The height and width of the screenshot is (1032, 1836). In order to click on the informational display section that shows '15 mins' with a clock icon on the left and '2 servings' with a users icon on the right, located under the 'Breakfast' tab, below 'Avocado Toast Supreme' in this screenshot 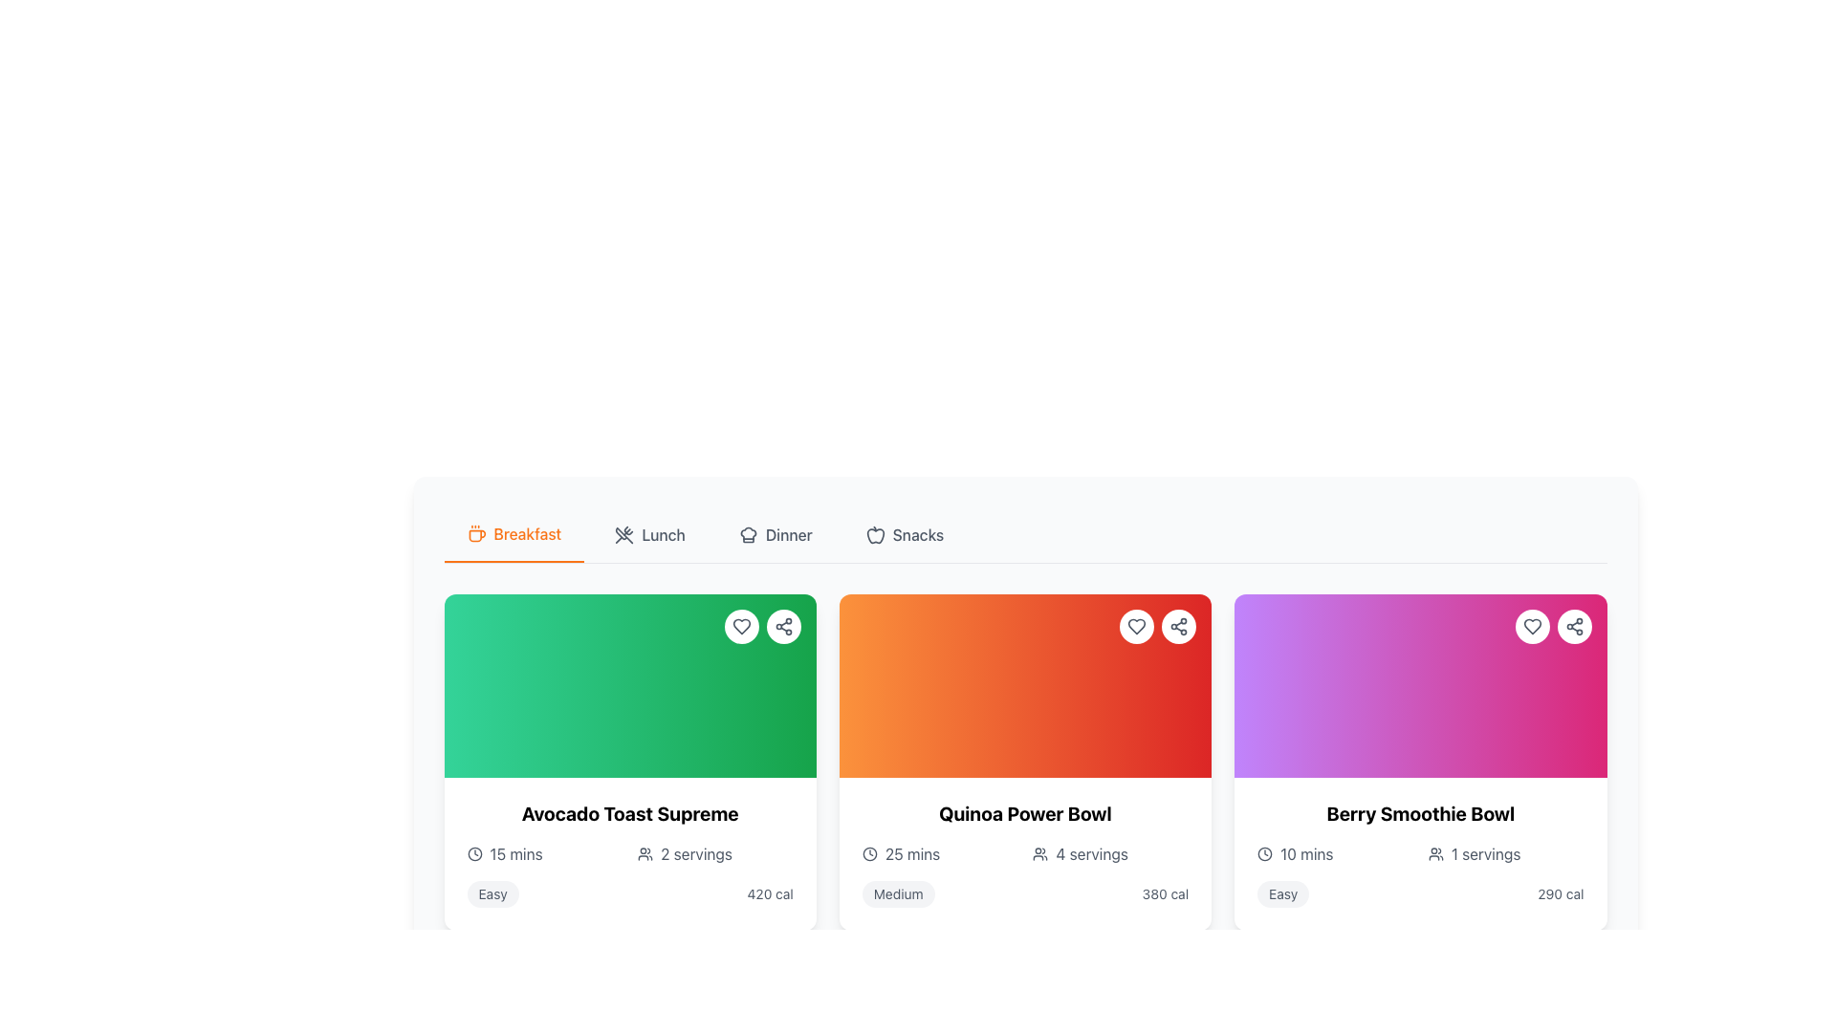, I will do `click(630, 853)`.